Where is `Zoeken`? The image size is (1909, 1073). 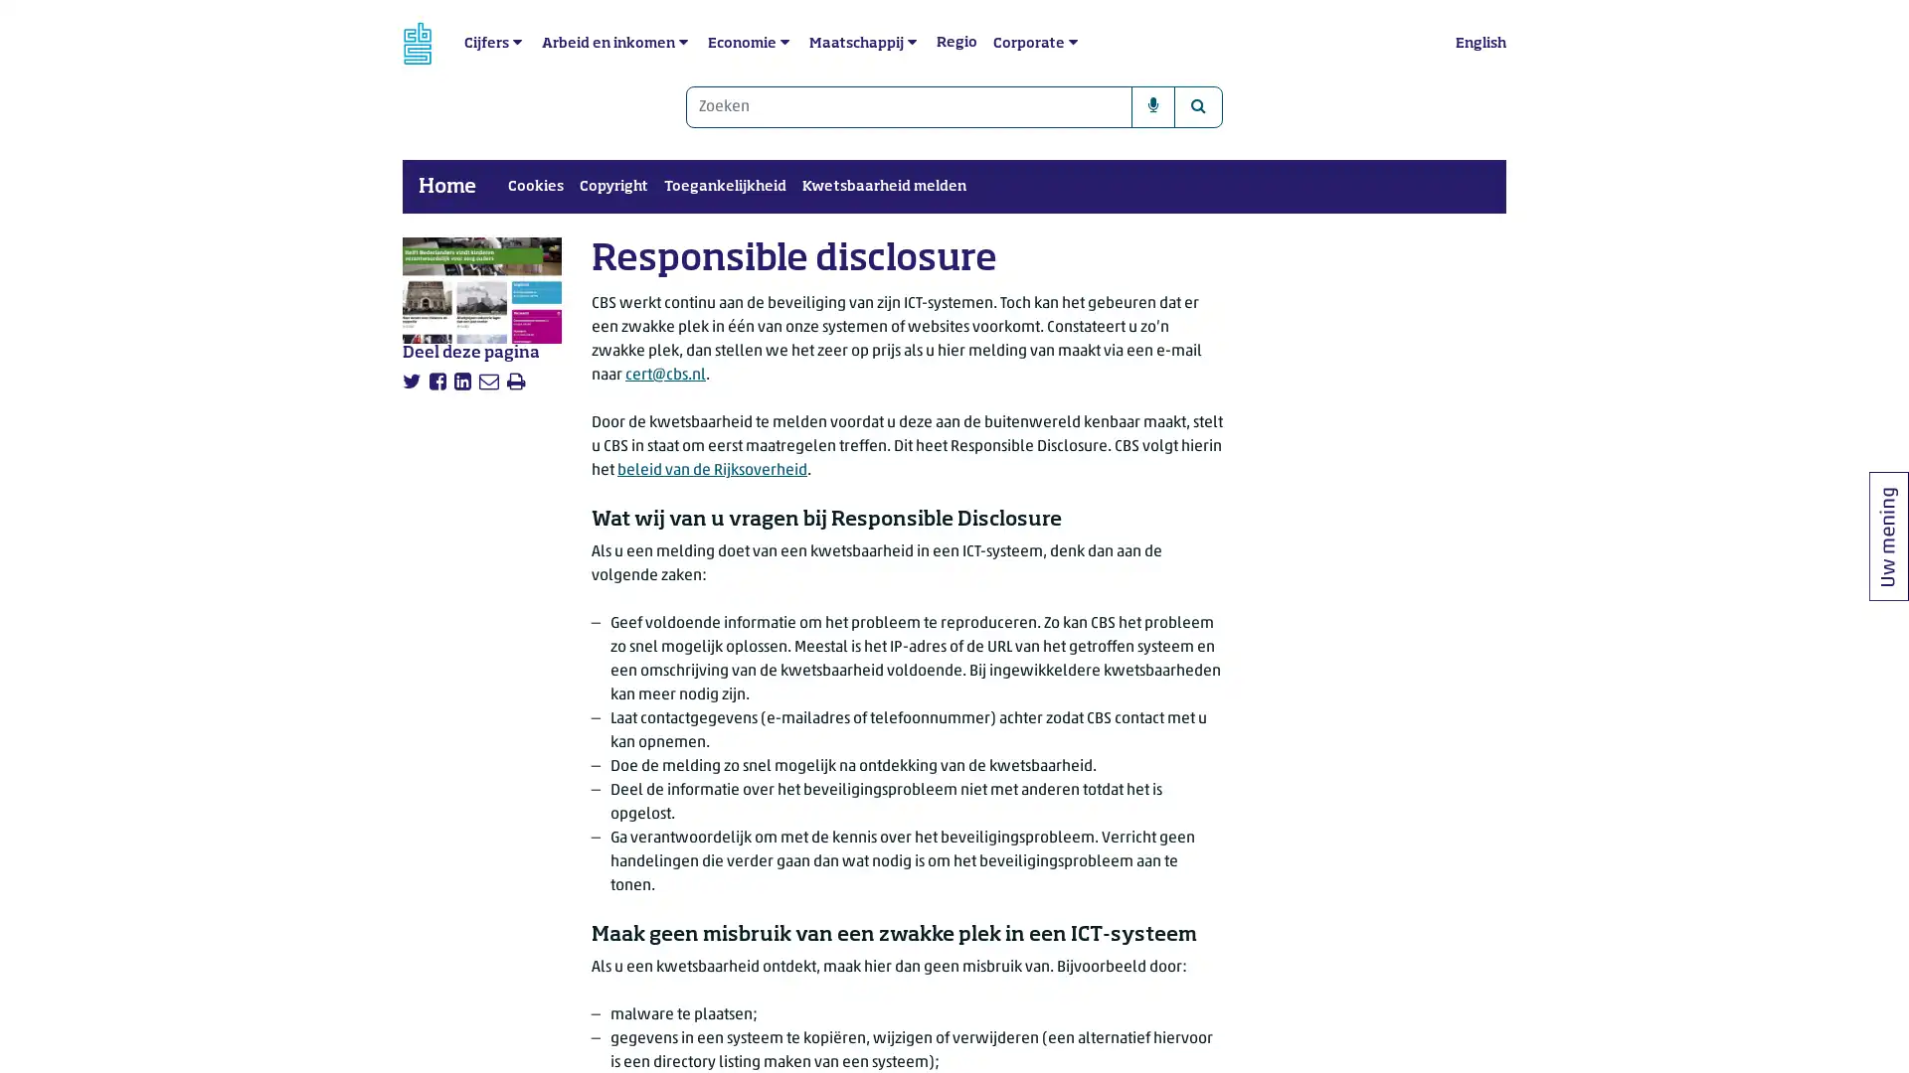
Zoeken is located at coordinates (1197, 107).